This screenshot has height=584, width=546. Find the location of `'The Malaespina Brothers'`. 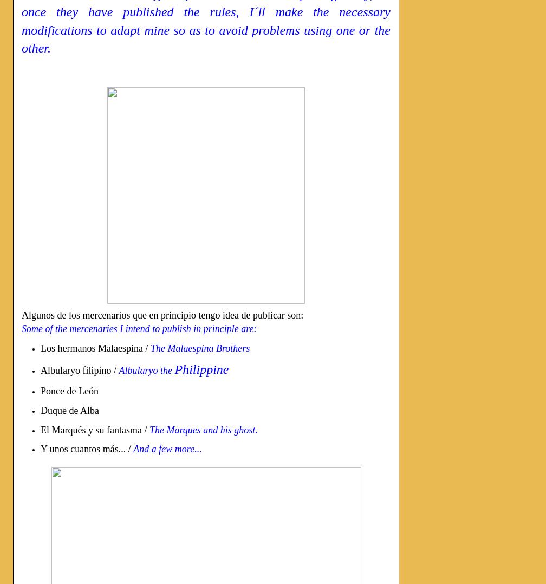

'The Malaespina Brothers' is located at coordinates (200, 347).